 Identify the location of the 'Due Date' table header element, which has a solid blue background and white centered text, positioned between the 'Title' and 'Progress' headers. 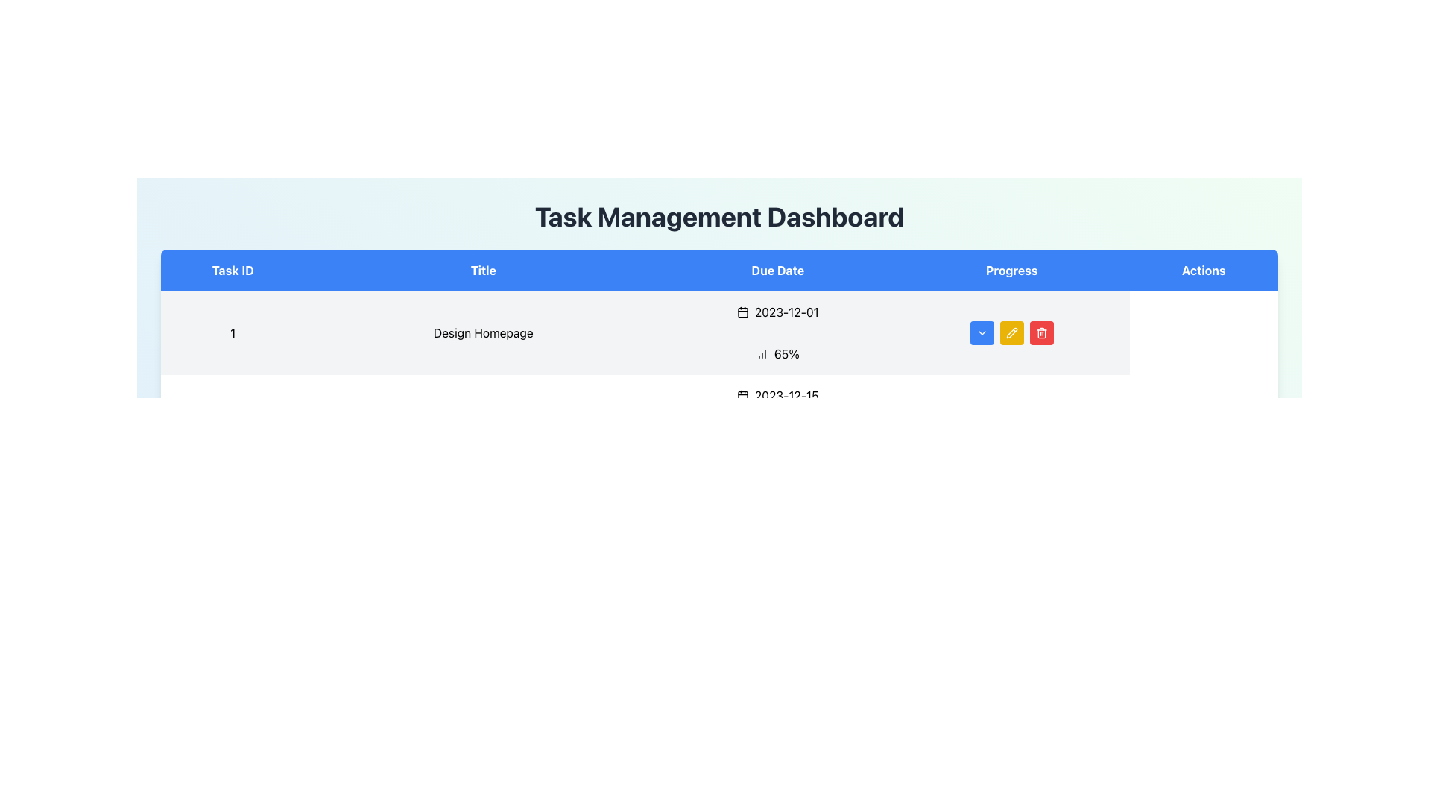
(777, 270).